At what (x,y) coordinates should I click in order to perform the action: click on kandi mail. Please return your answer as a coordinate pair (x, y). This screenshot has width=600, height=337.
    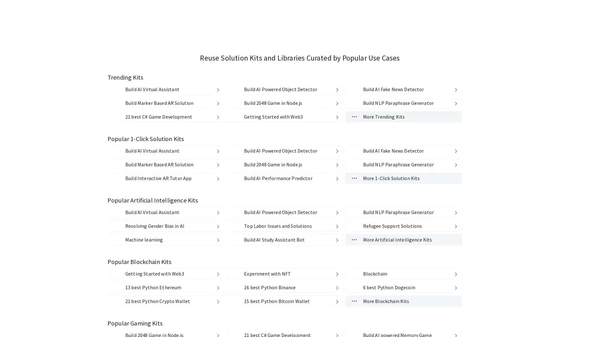
    Looking at the image, I should click on (585, 21).